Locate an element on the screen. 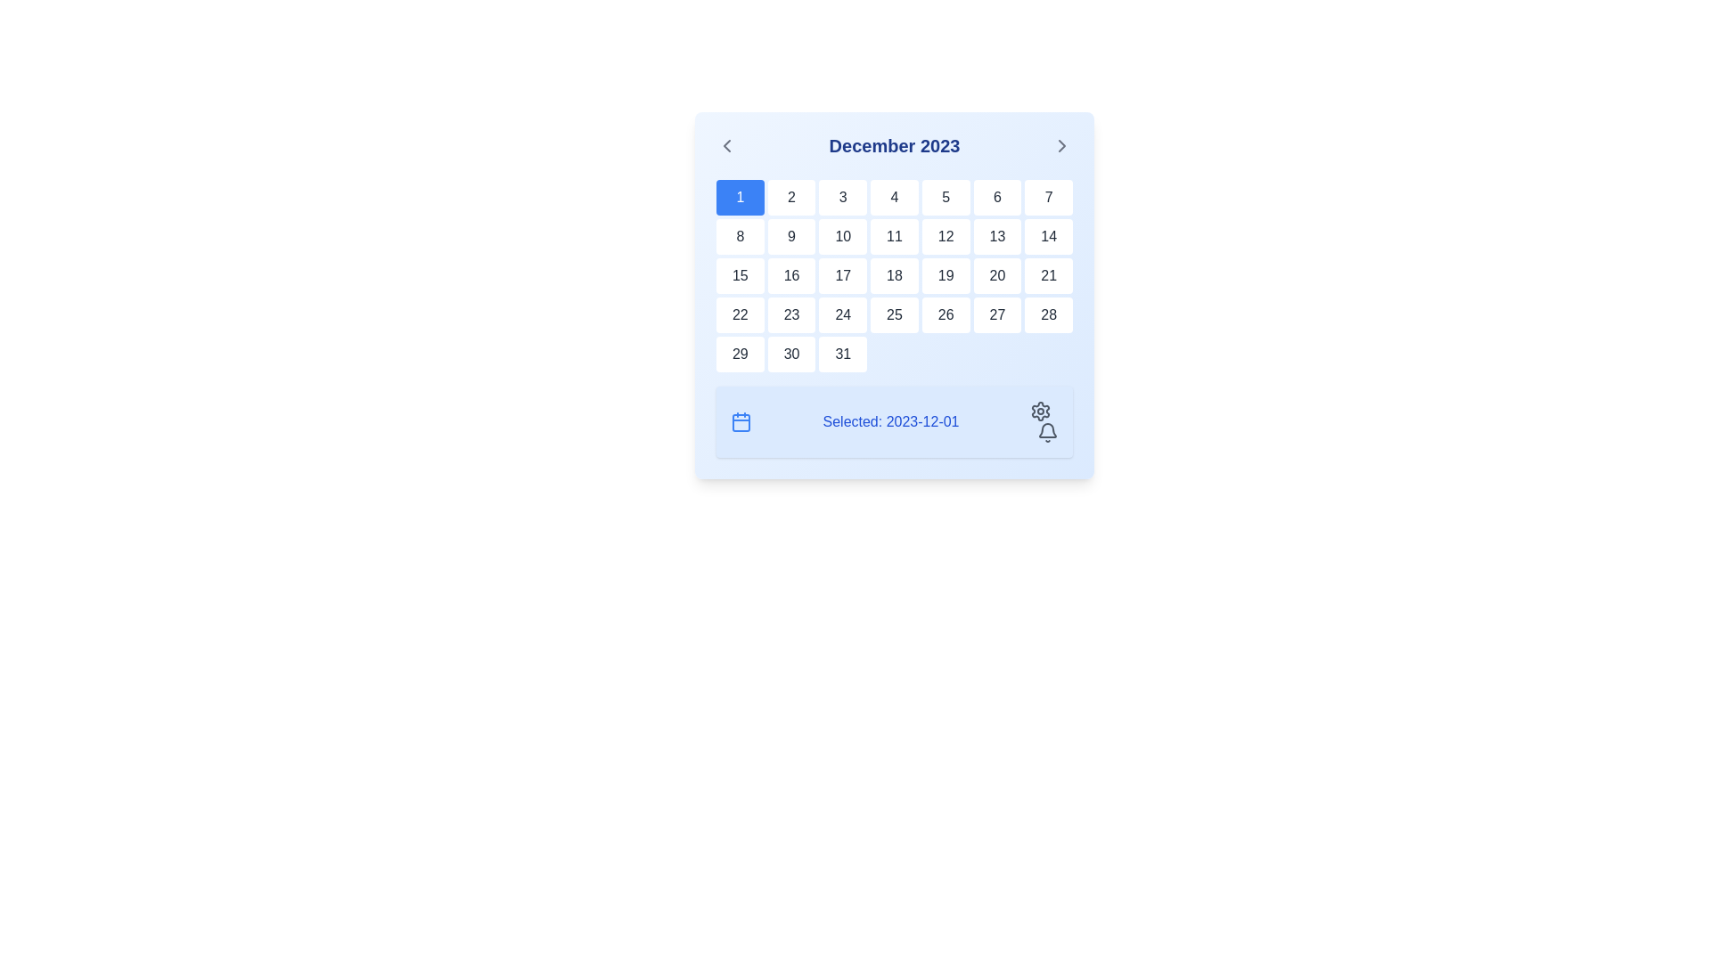 This screenshot has height=962, width=1711. the button representing the 17th day in the displayed calendar month, located in the third cell of the third row of the calendar grid is located at coordinates (842, 275).